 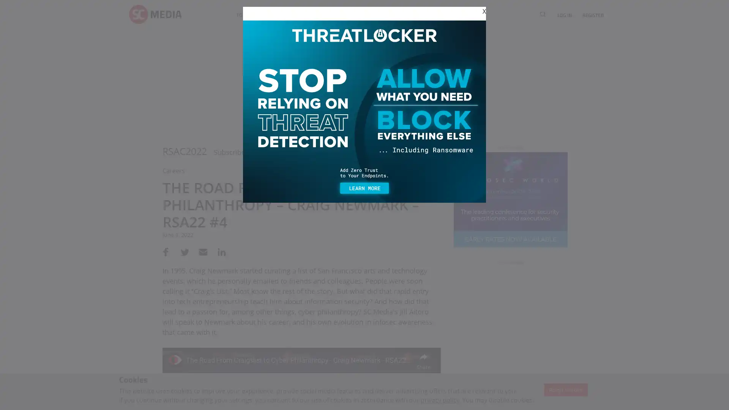 I want to click on INDUSTRY, so click(x=276, y=15).